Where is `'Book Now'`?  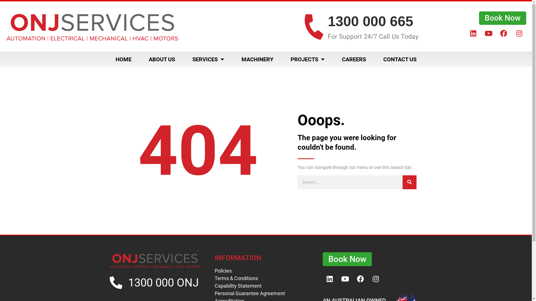 'Book Now' is located at coordinates (479, 18).